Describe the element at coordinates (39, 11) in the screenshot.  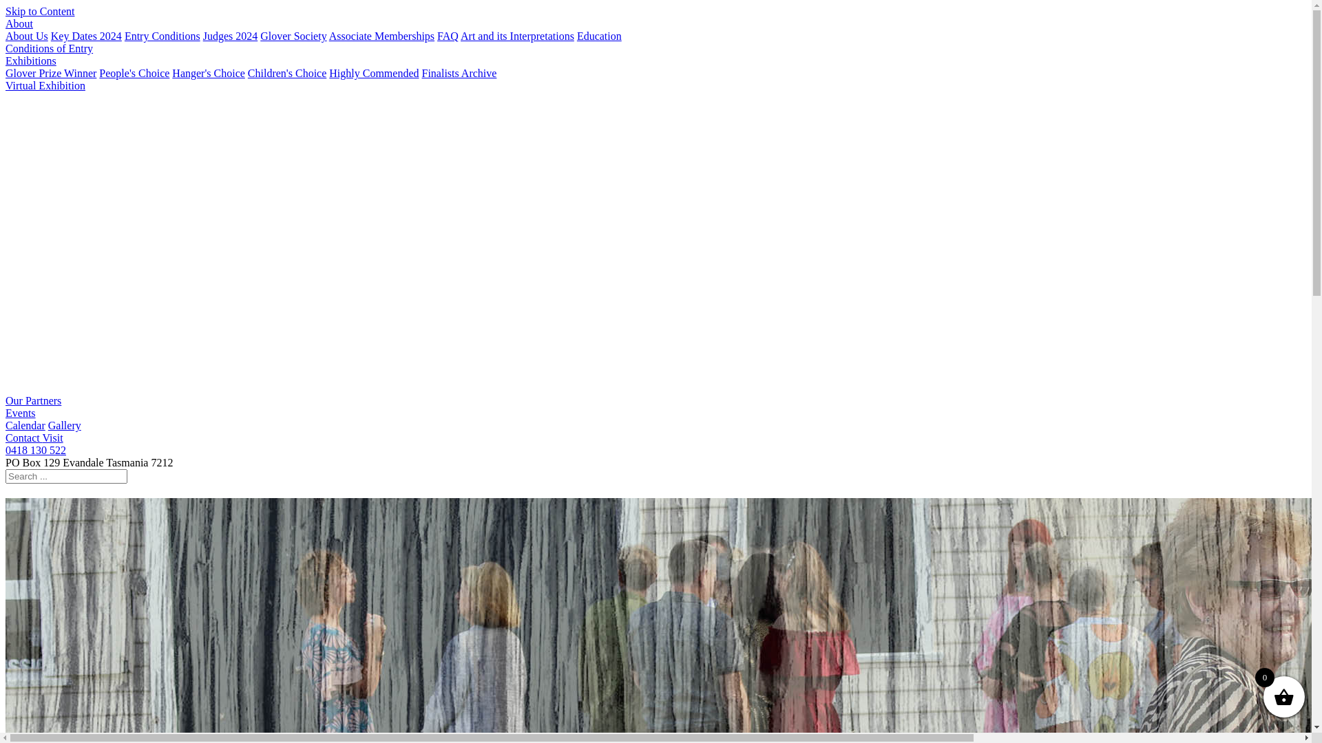
I see `'Skip to Content'` at that location.